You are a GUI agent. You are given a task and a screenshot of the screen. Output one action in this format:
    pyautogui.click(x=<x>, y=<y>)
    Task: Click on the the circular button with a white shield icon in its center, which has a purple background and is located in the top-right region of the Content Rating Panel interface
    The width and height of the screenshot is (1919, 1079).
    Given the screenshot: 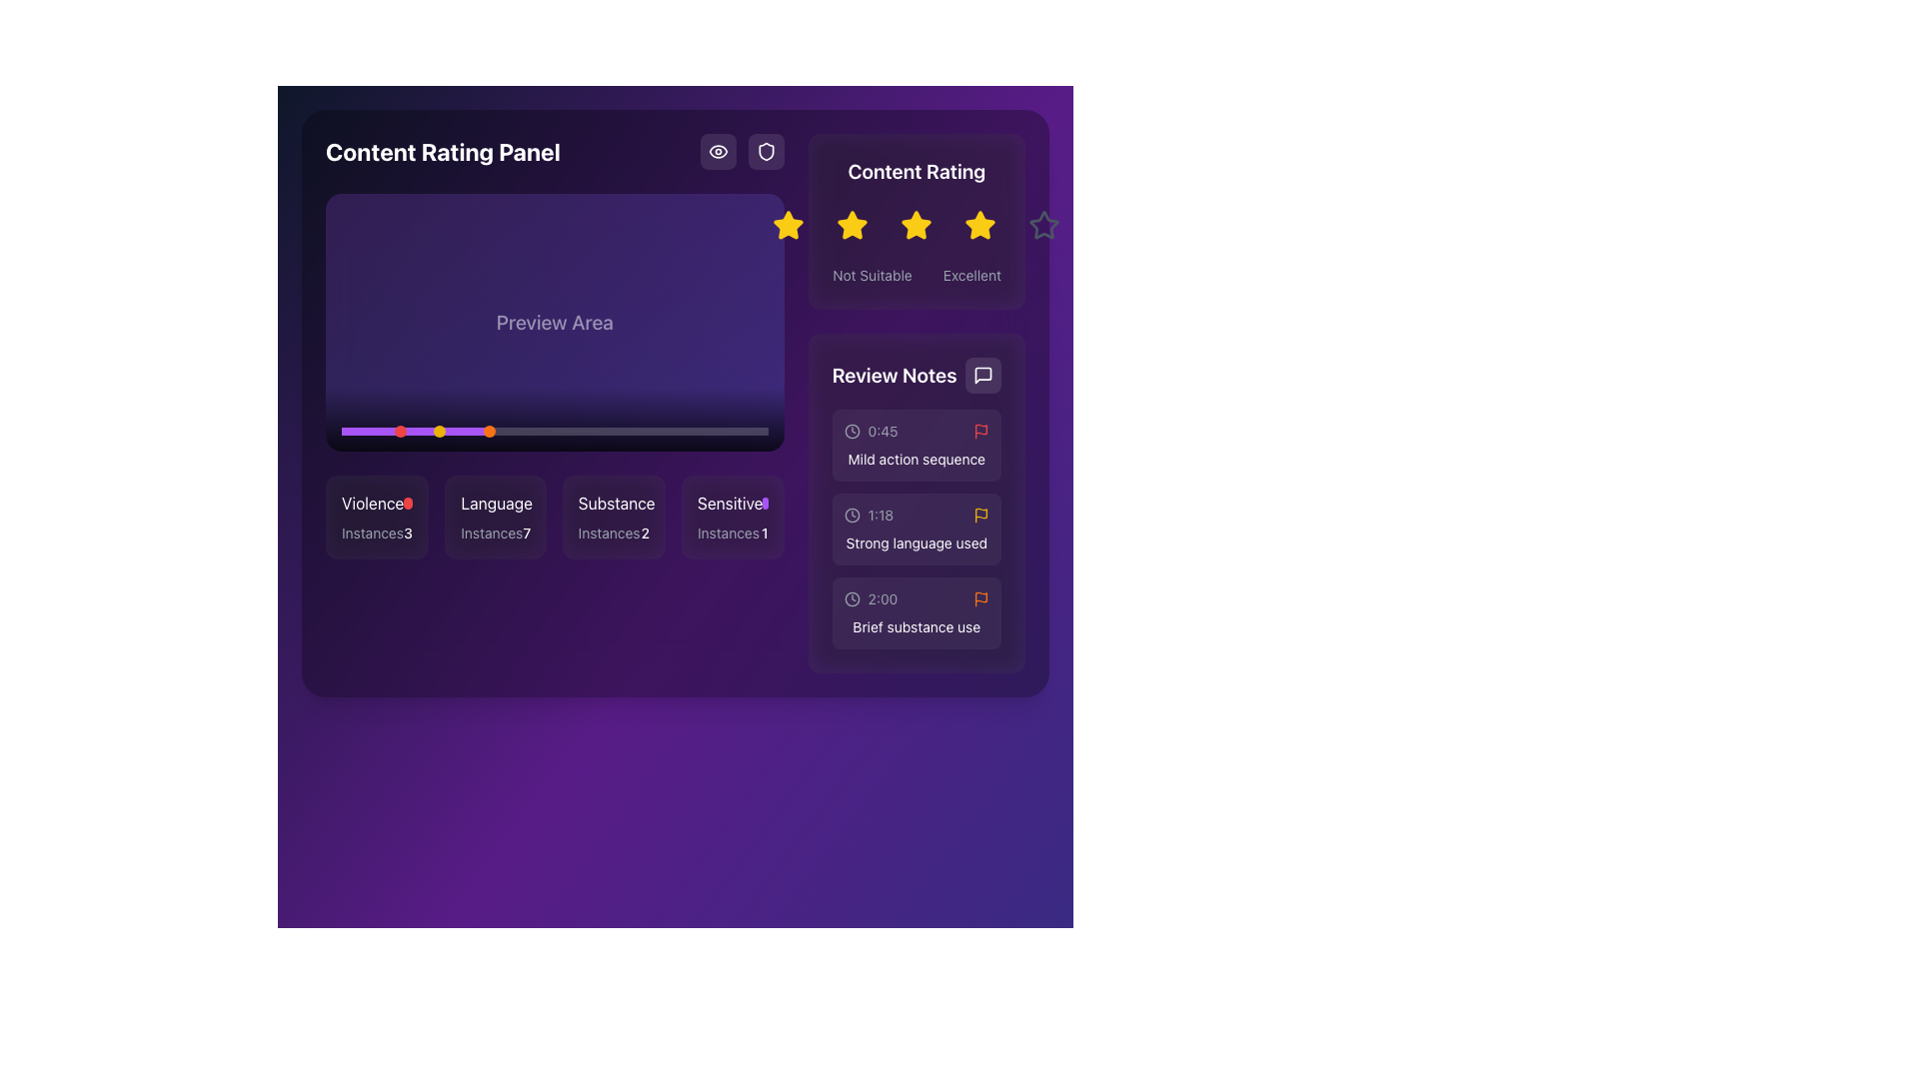 What is the action you would take?
    pyautogui.click(x=765, y=150)
    